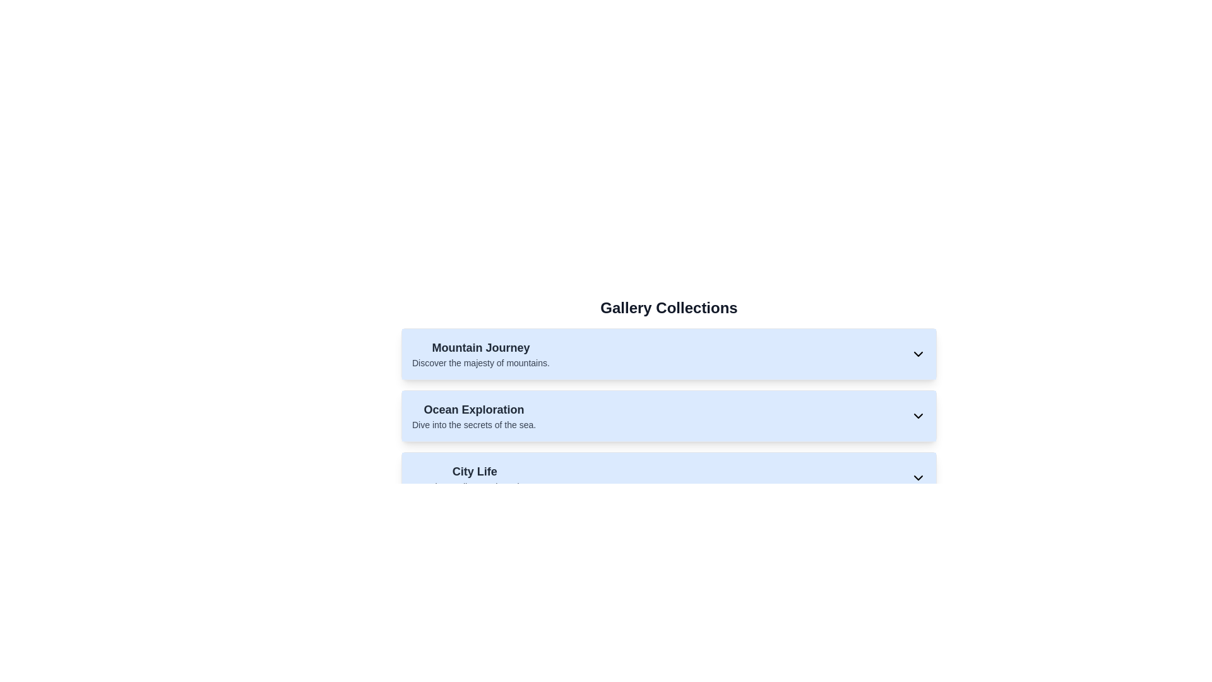 The width and height of the screenshot is (1212, 682). What do you see at coordinates (668, 354) in the screenshot?
I see `the first entry in the expandable list titled 'Mountain Journey'` at bounding box center [668, 354].